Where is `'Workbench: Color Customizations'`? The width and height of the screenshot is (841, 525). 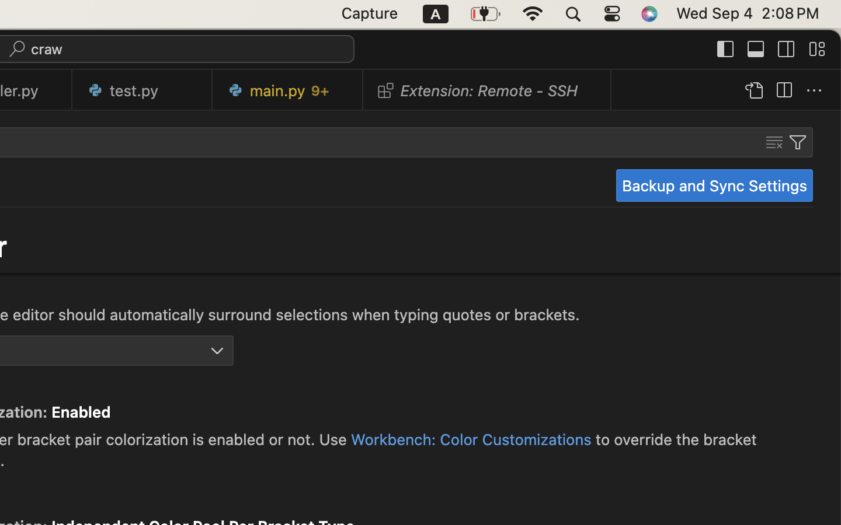
'Workbench: Color Customizations' is located at coordinates (471, 439).